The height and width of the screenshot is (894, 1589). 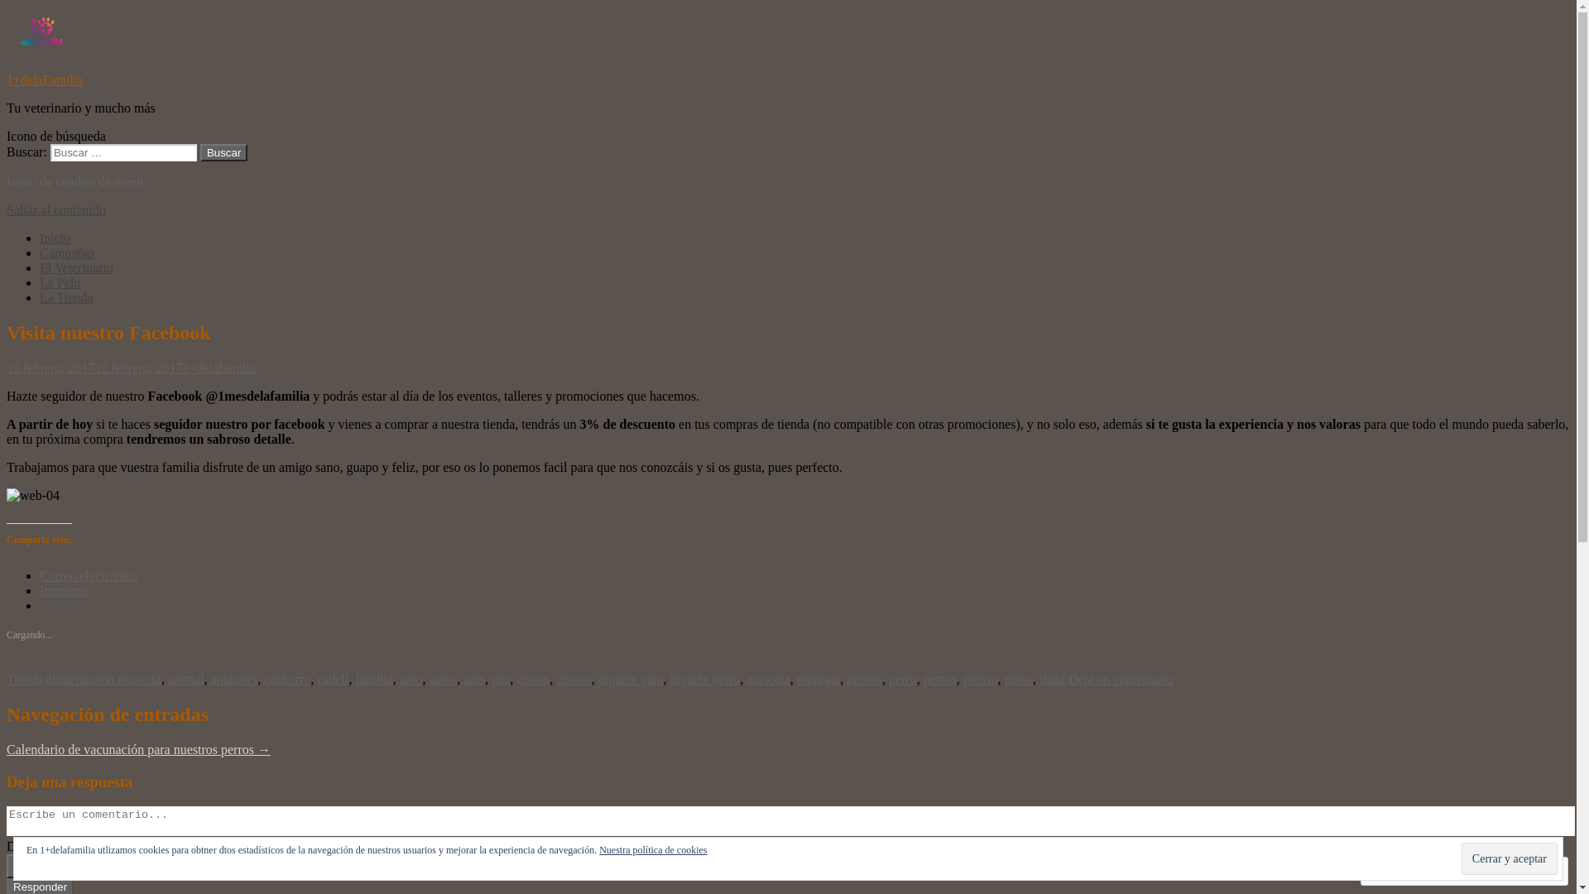 I want to click on 'Buscar', so click(x=223, y=152).